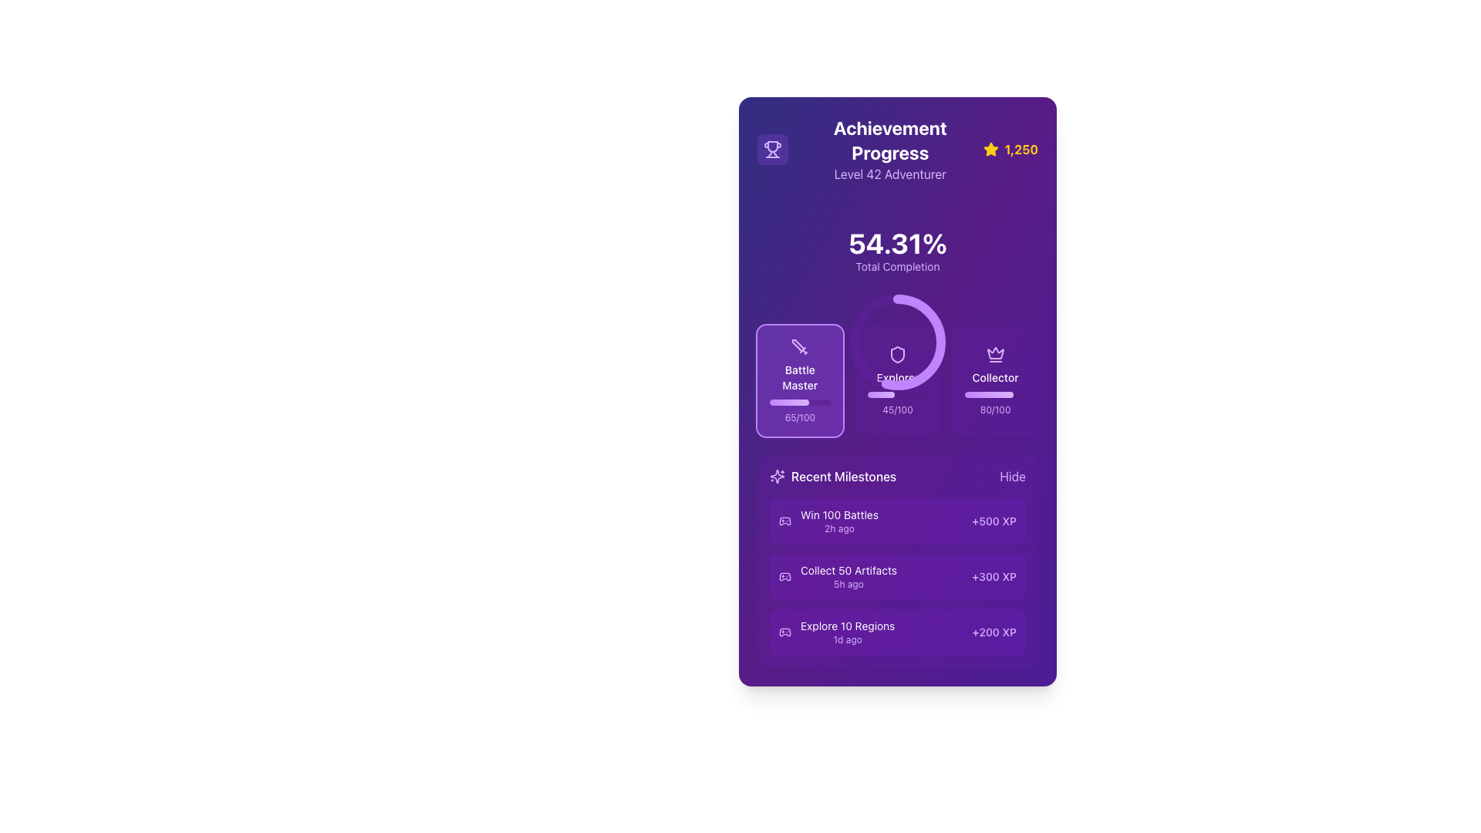  Describe the element at coordinates (990, 149) in the screenshot. I see `the star icon located in the top-right corner of the purple card, which serves as a visual indicator for rewards associated with the numerical value '1,250'` at that location.